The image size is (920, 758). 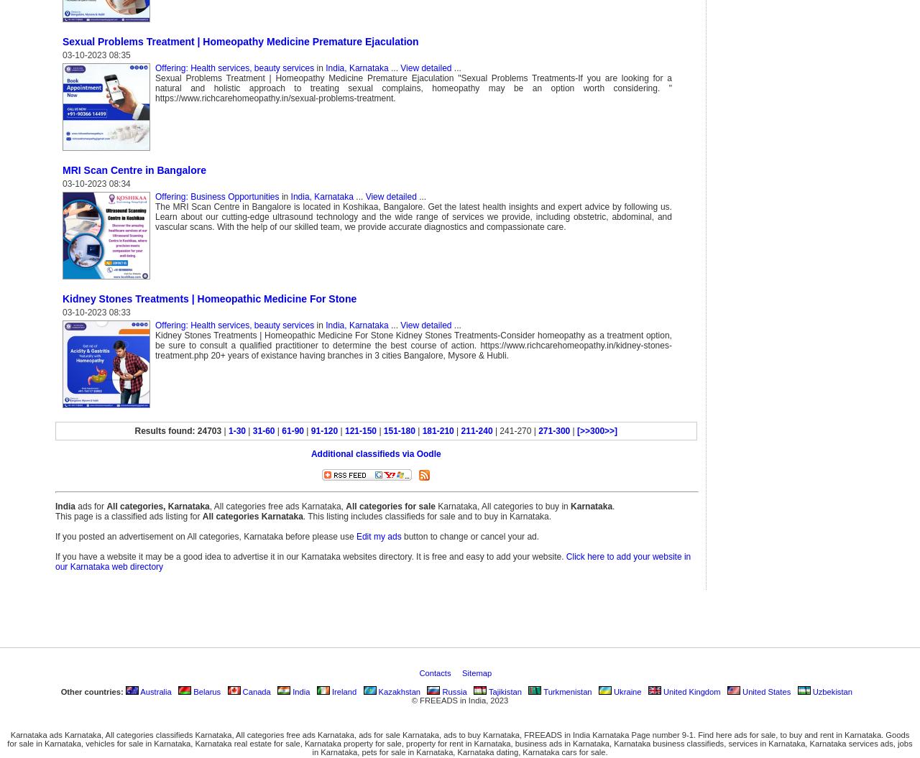 I want to click on '271-300', so click(x=553, y=430).